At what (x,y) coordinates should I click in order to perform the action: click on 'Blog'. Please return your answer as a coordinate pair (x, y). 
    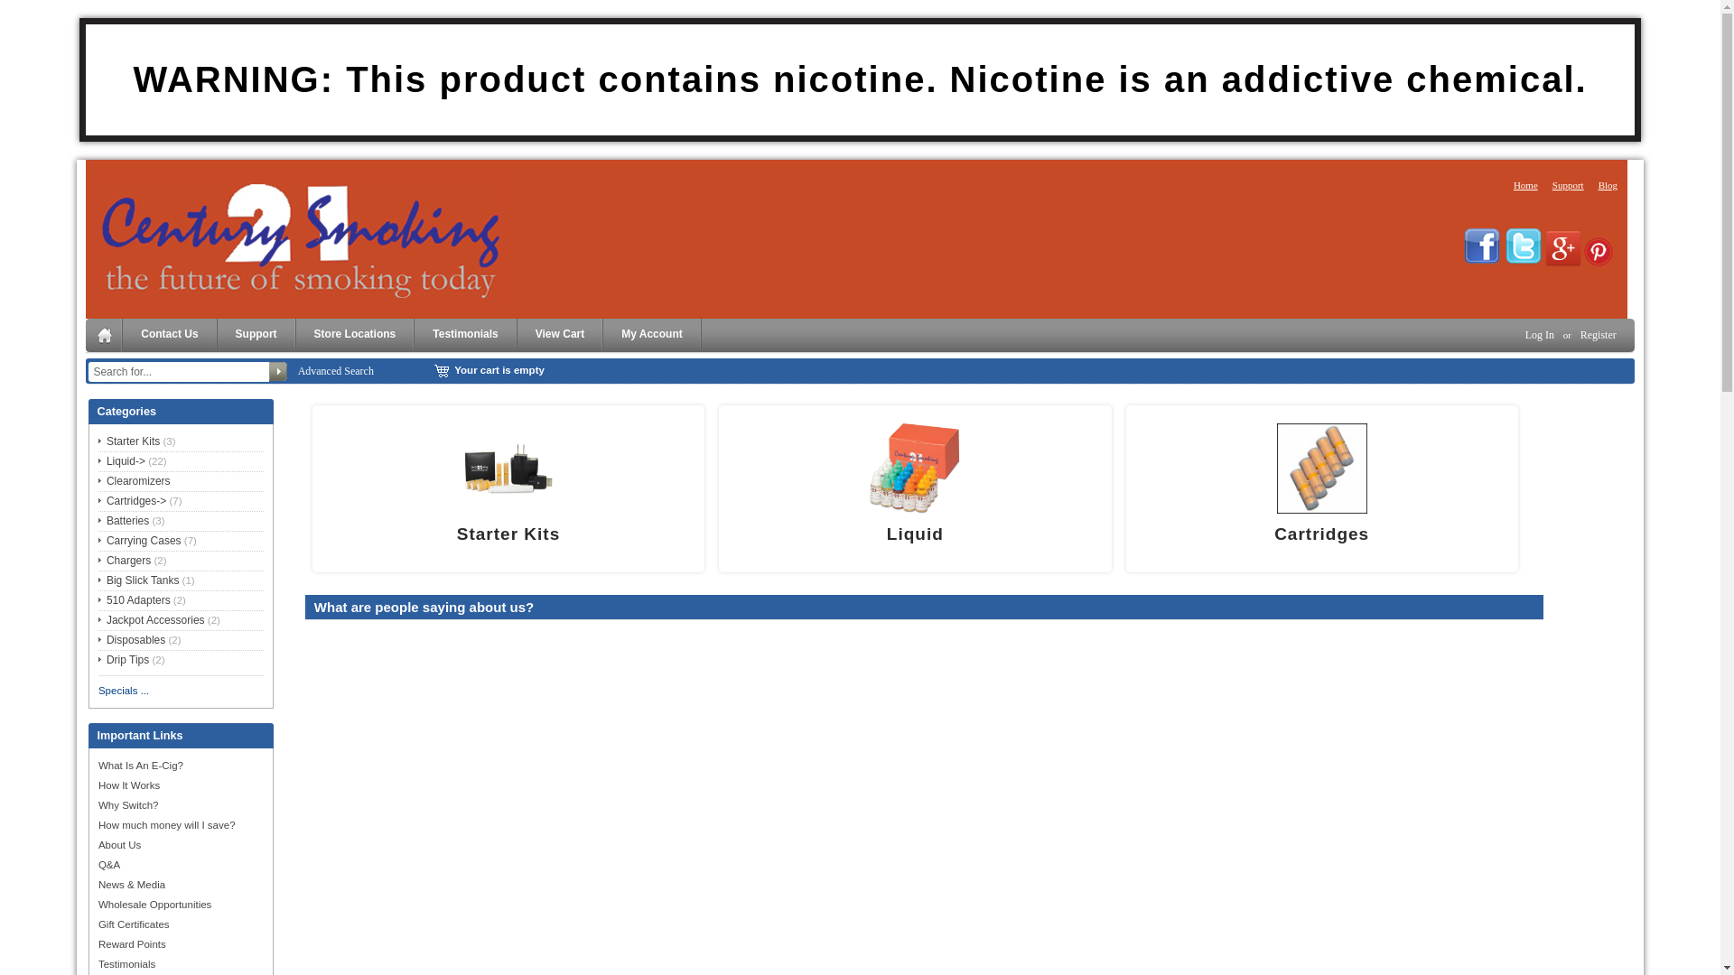
    Looking at the image, I should click on (1608, 184).